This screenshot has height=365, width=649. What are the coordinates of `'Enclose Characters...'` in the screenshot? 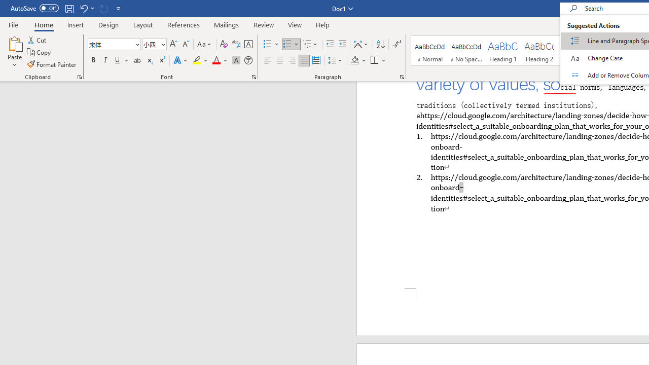 It's located at (248, 60).